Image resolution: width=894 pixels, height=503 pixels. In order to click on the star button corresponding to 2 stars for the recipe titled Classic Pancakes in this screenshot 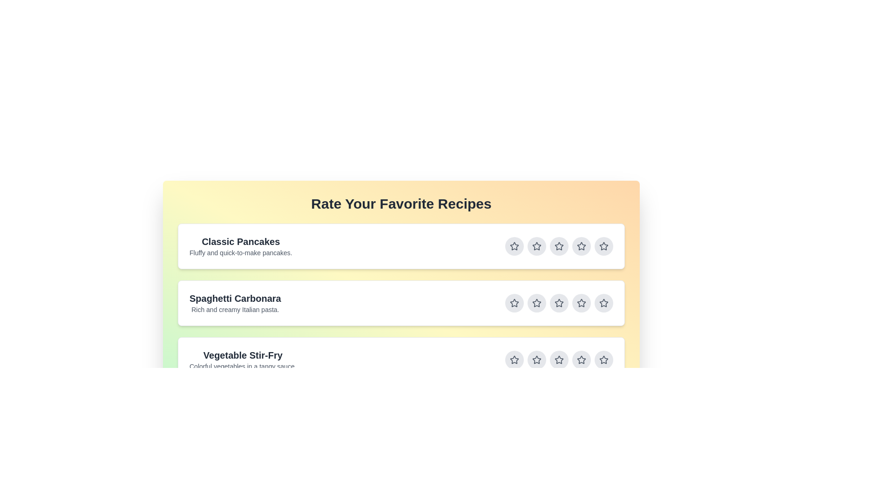, I will do `click(536, 245)`.